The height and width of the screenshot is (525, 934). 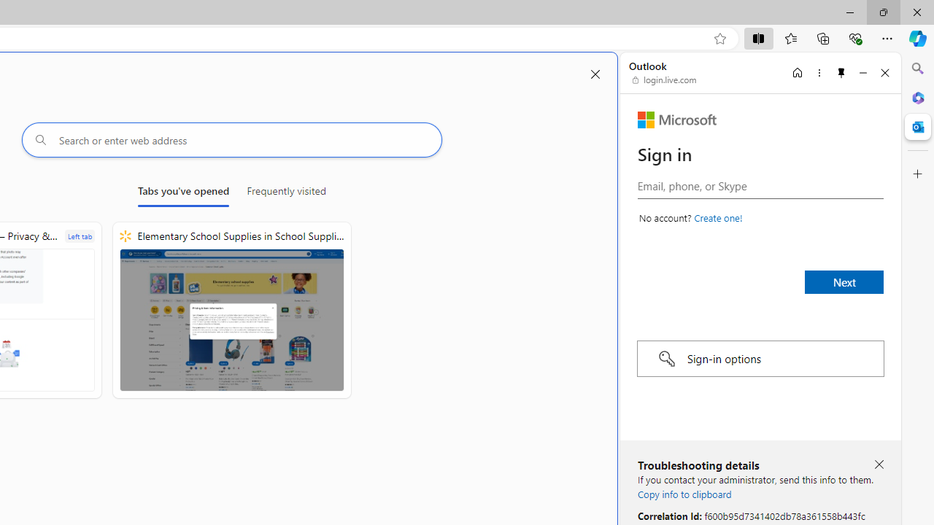 What do you see at coordinates (917, 97) in the screenshot?
I see `'Microsoft 365'` at bounding box center [917, 97].